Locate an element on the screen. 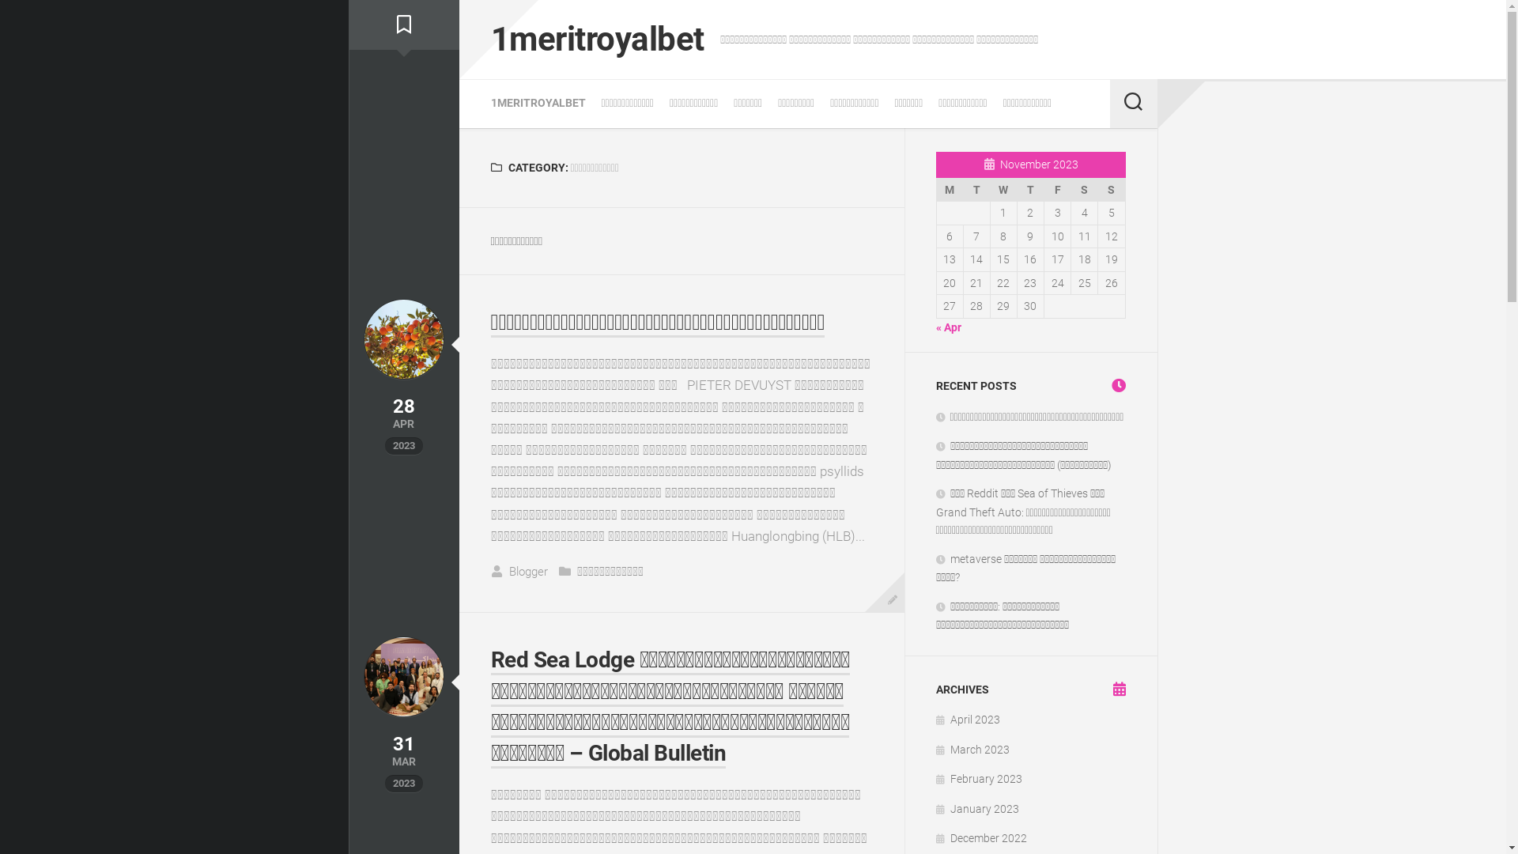 The height and width of the screenshot is (854, 1518). 'Blogger' is located at coordinates (528, 571).